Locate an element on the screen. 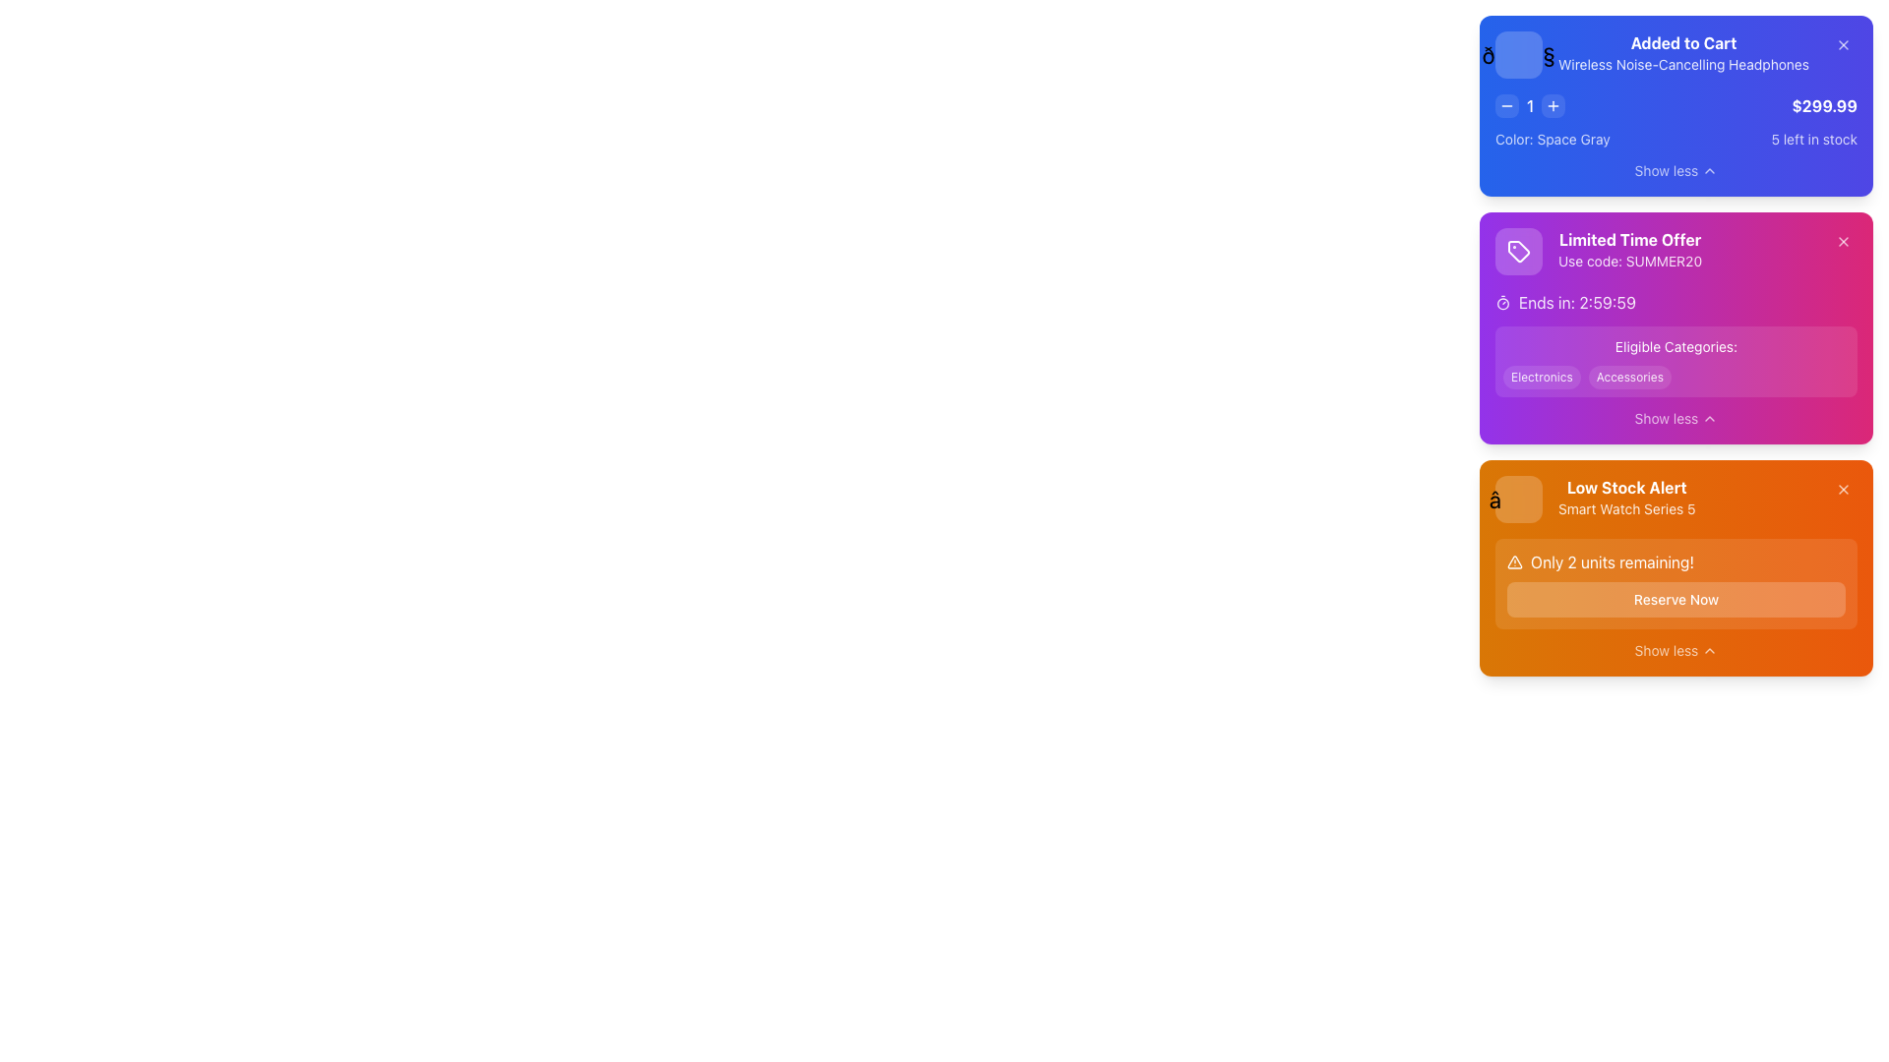 The image size is (1889, 1062). the text label displaying 'Smart Watch Series 5', which is in a light, semi-transparent white font against an orange background, located in the bottom-right corner of the interface is located at coordinates (1626, 507).